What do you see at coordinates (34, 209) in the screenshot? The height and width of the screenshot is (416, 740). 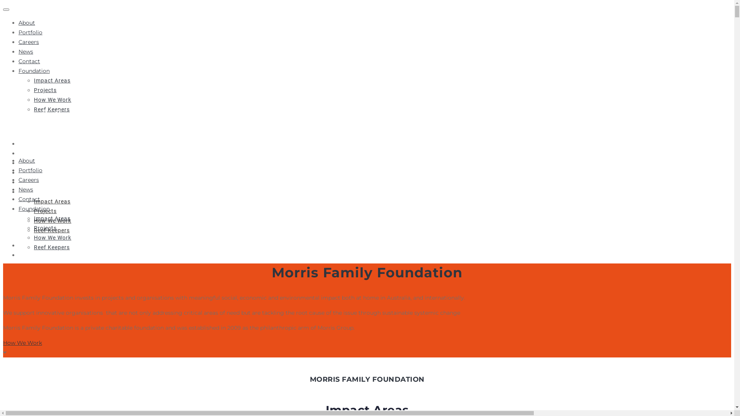 I see `'Foundation'` at bounding box center [34, 209].